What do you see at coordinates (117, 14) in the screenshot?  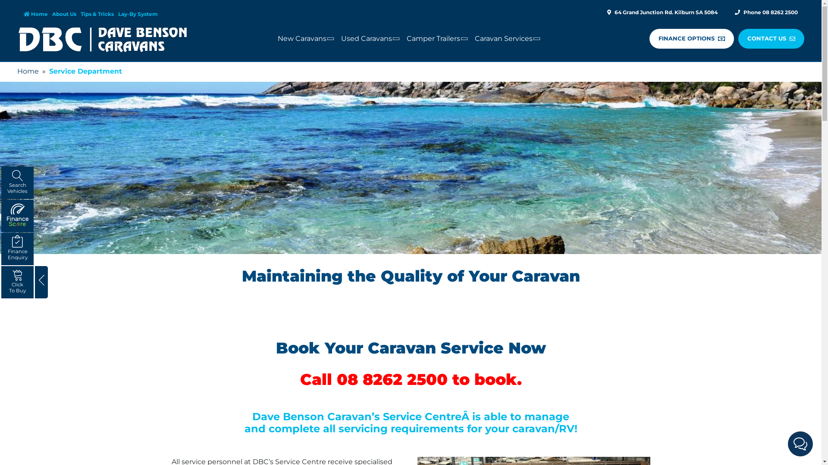 I see `'Lay-By System'` at bounding box center [117, 14].